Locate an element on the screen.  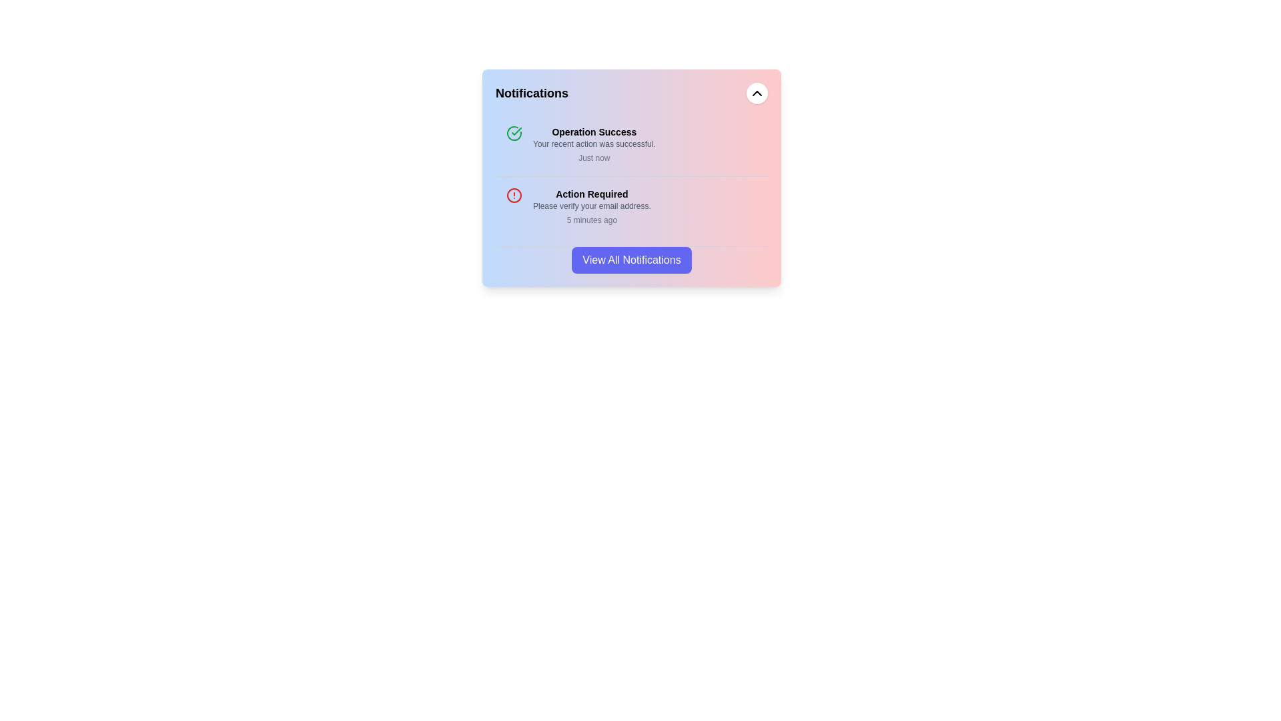
the button at the bottom of the notification card is located at coordinates (630, 260).